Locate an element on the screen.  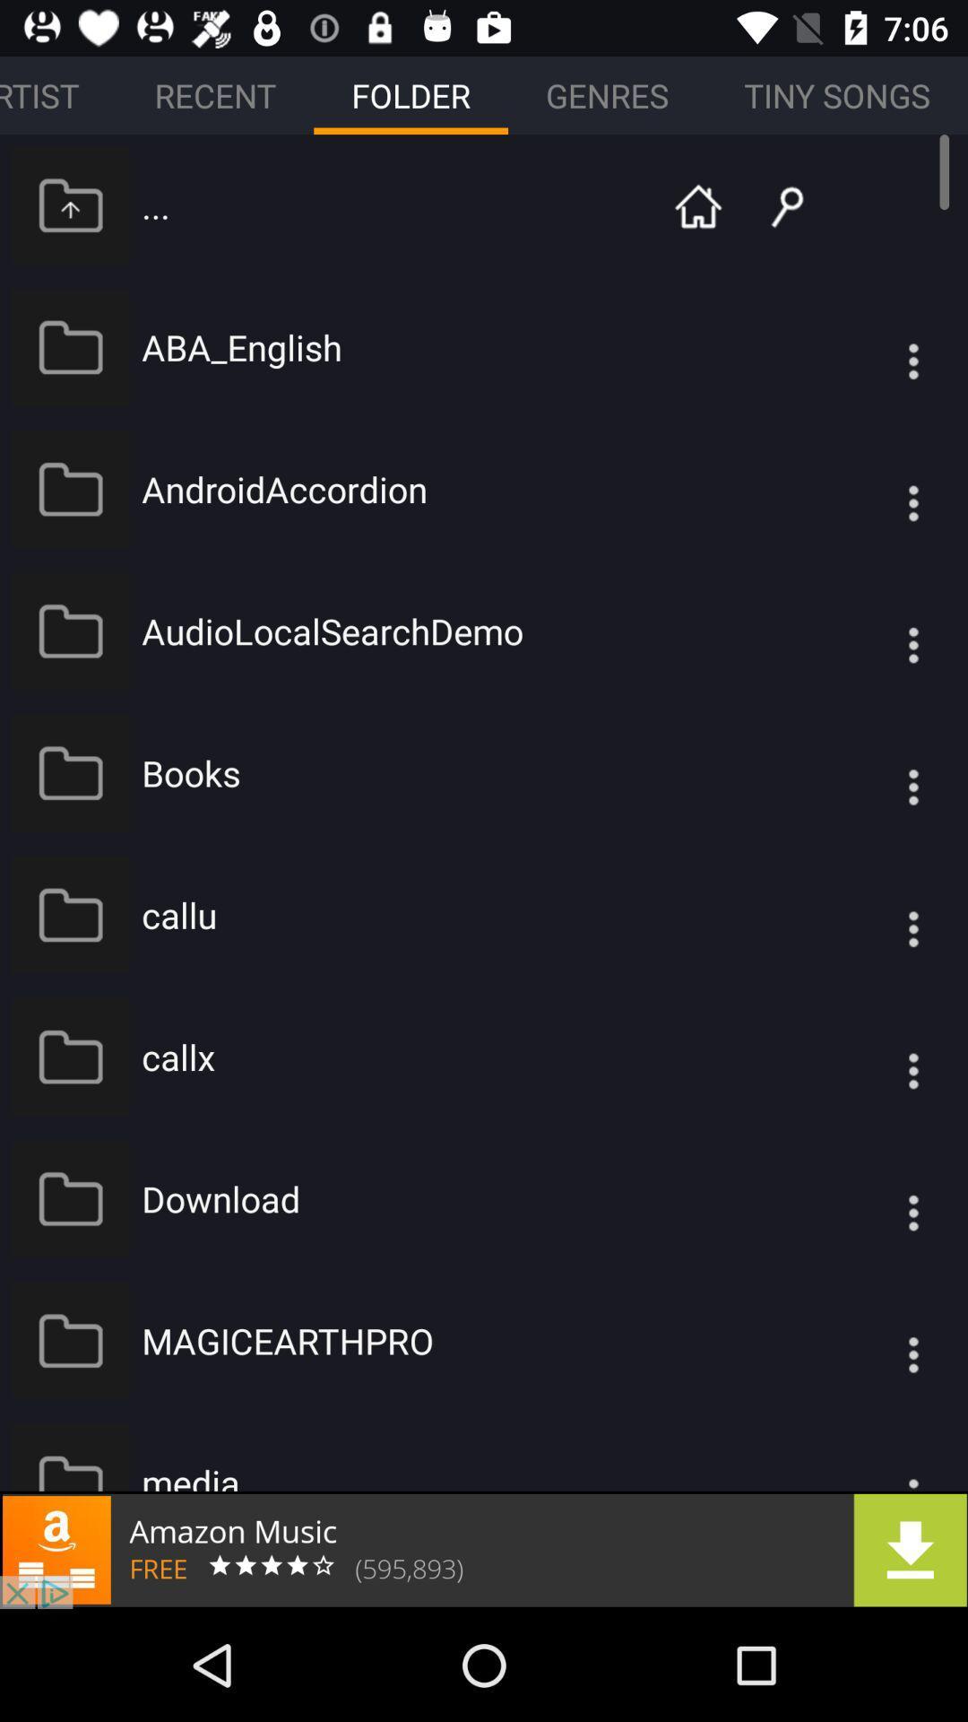
open options menu is located at coordinates (877, 915).